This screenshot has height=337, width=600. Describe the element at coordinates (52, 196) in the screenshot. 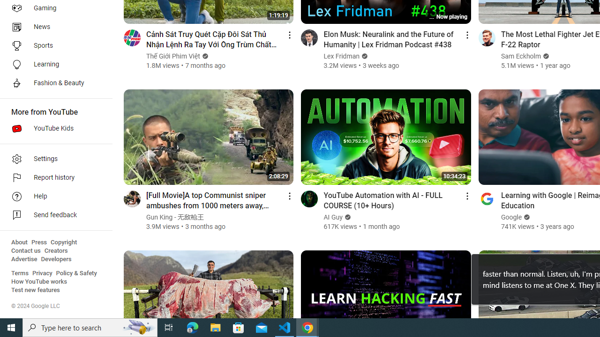

I see `'Help'` at that location.